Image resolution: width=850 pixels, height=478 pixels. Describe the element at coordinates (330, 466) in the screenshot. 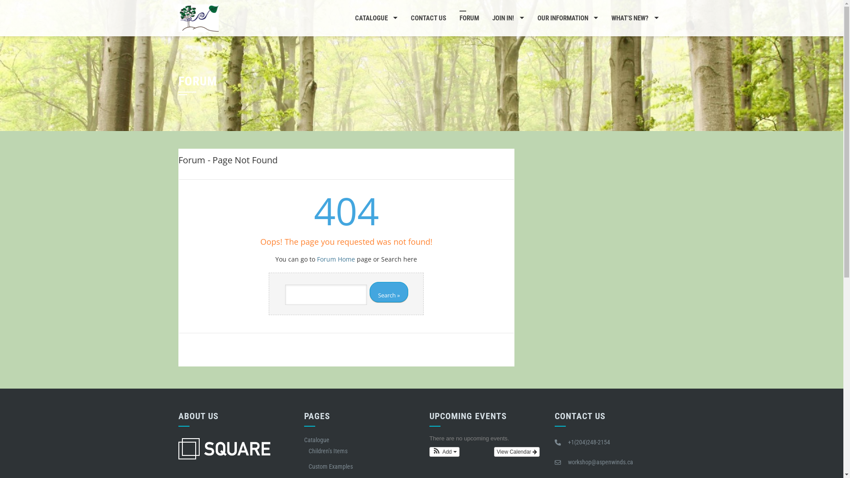

I see `'Custom Examples'` at that location.